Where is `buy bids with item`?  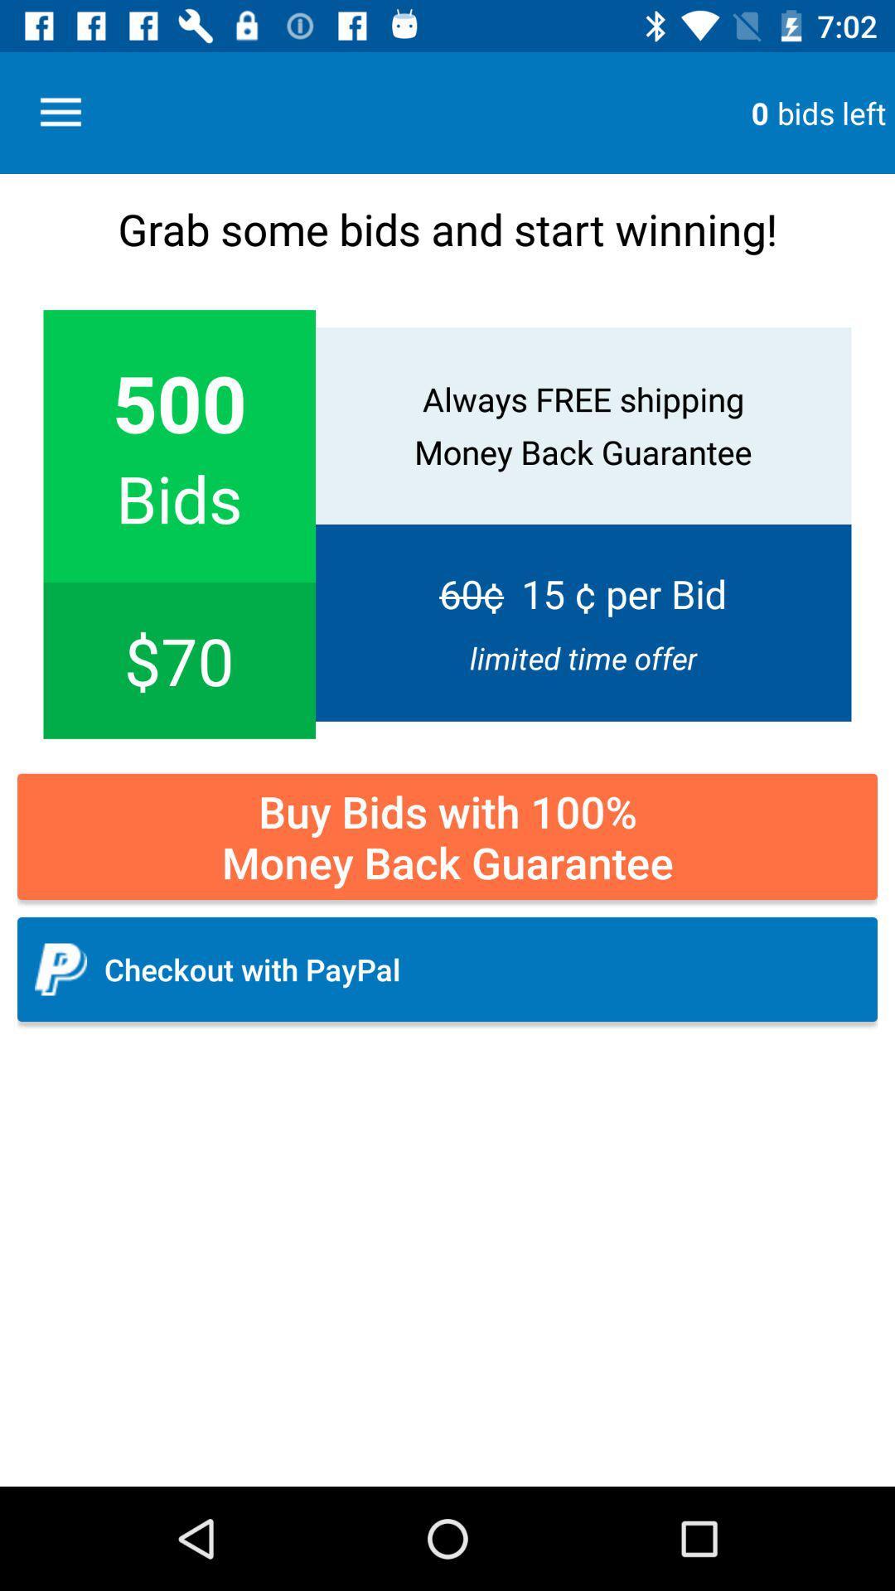
buy bids with item is located at coordinates (447, 836).